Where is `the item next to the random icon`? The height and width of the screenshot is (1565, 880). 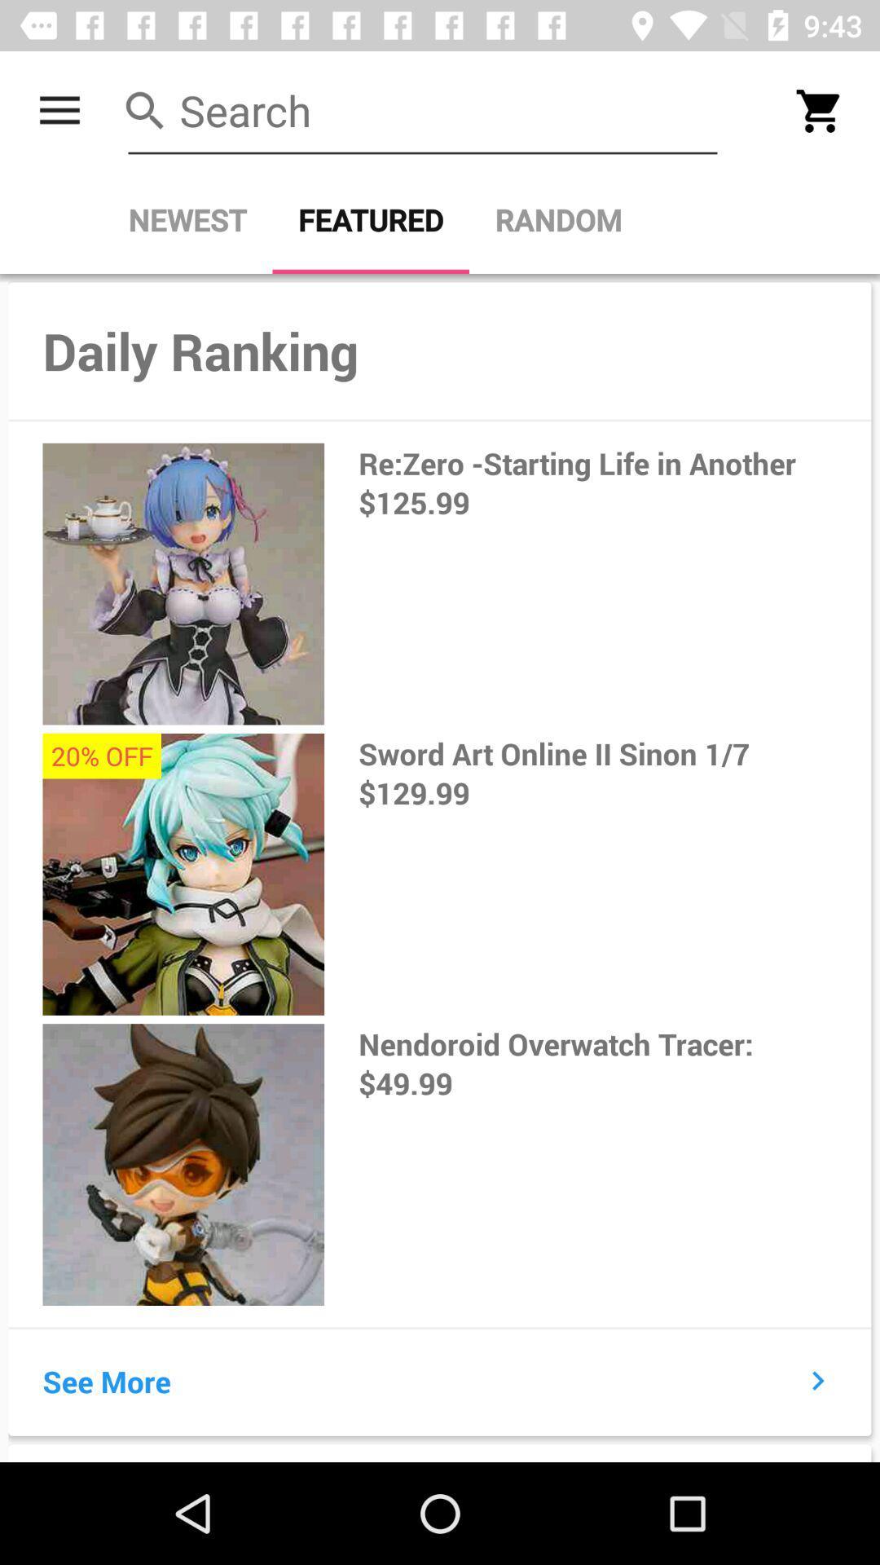
the item next to the random icon is located at coordinates (371, 219).